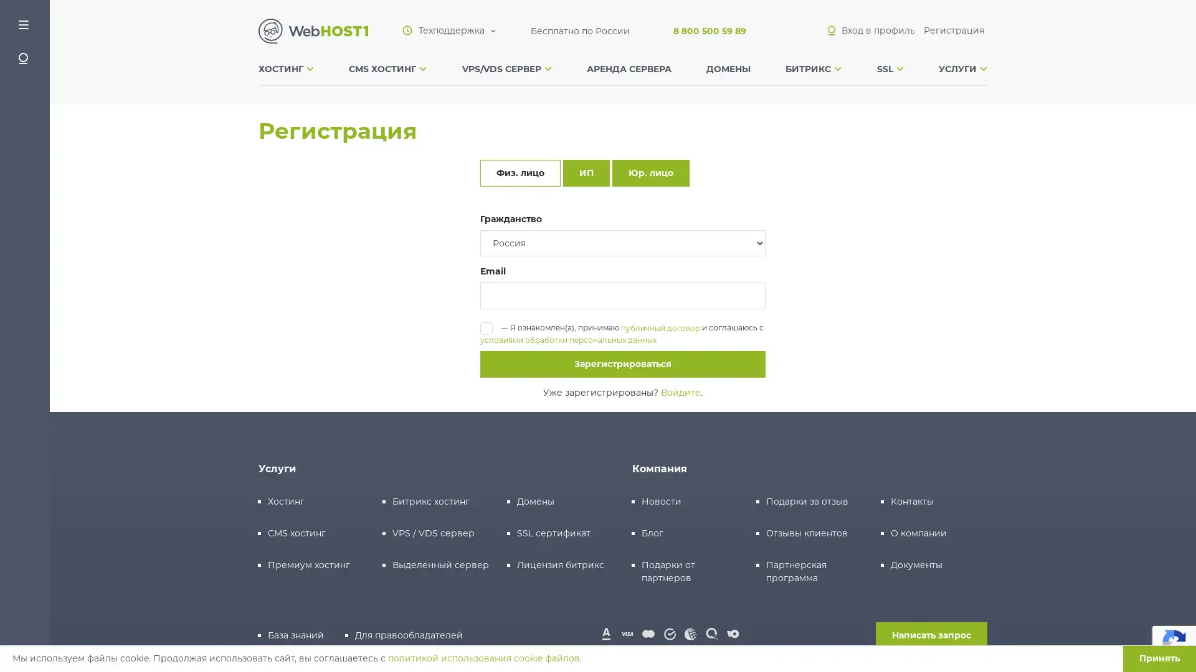  What do you see at coordinates (520, 173) in the screenshot?
I see `.` at bounding box center [520, 173].